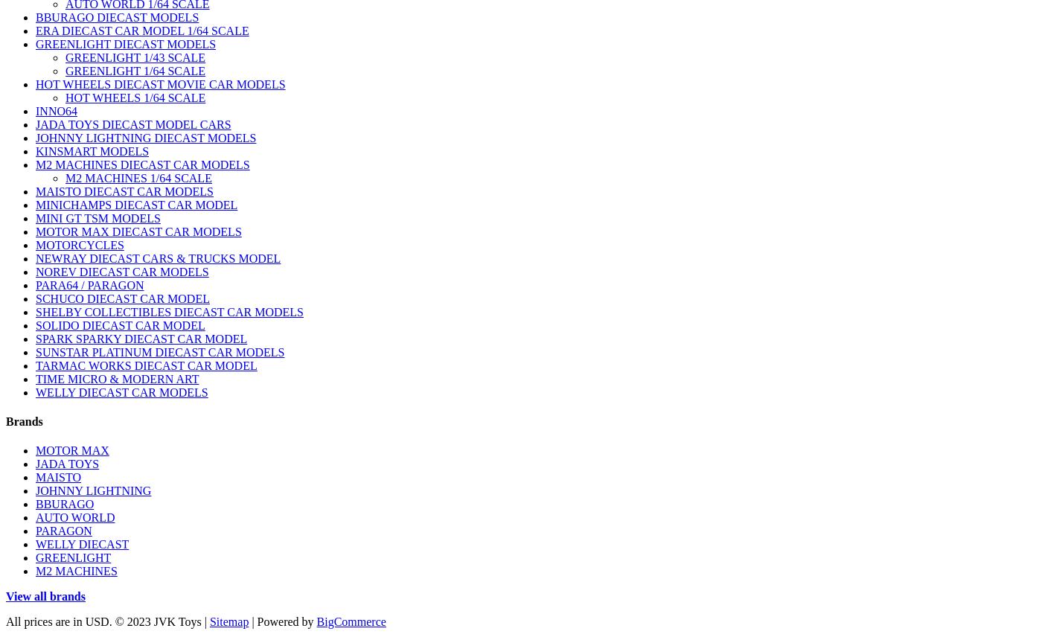 Image resolution: width=1042 pixels, height=640 pixels. What do you see at coordinates (170, 310) in the screenshot?
I see `'SHELBY COLLECTIBLES DIECAST CAR MODELS'` at bounding box center [170, 310].